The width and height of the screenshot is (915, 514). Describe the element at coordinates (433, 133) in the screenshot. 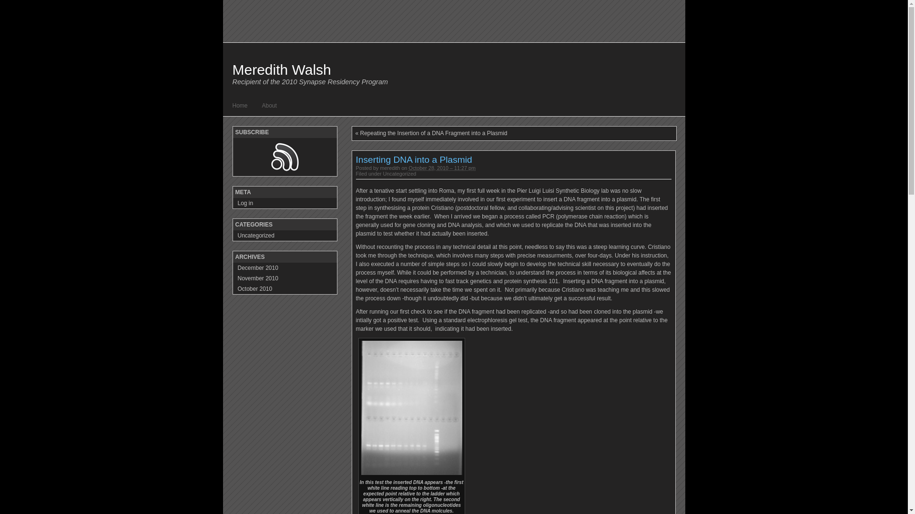

I see `'Repeating the Insertion of a DNA Fragment into a Plasmid'` at that location.